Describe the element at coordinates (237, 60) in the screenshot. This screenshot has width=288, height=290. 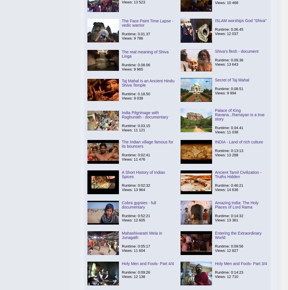
I see `'0.09.36'` at that location.